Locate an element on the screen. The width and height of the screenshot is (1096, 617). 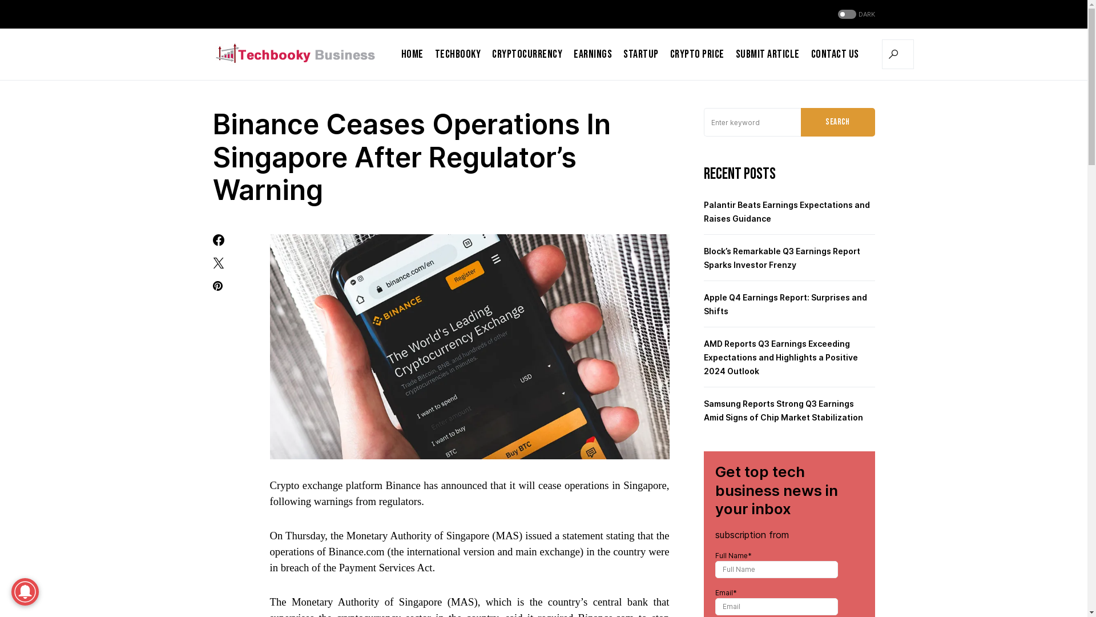
'Cryptocurrency' is located at coordinates (492, 54).